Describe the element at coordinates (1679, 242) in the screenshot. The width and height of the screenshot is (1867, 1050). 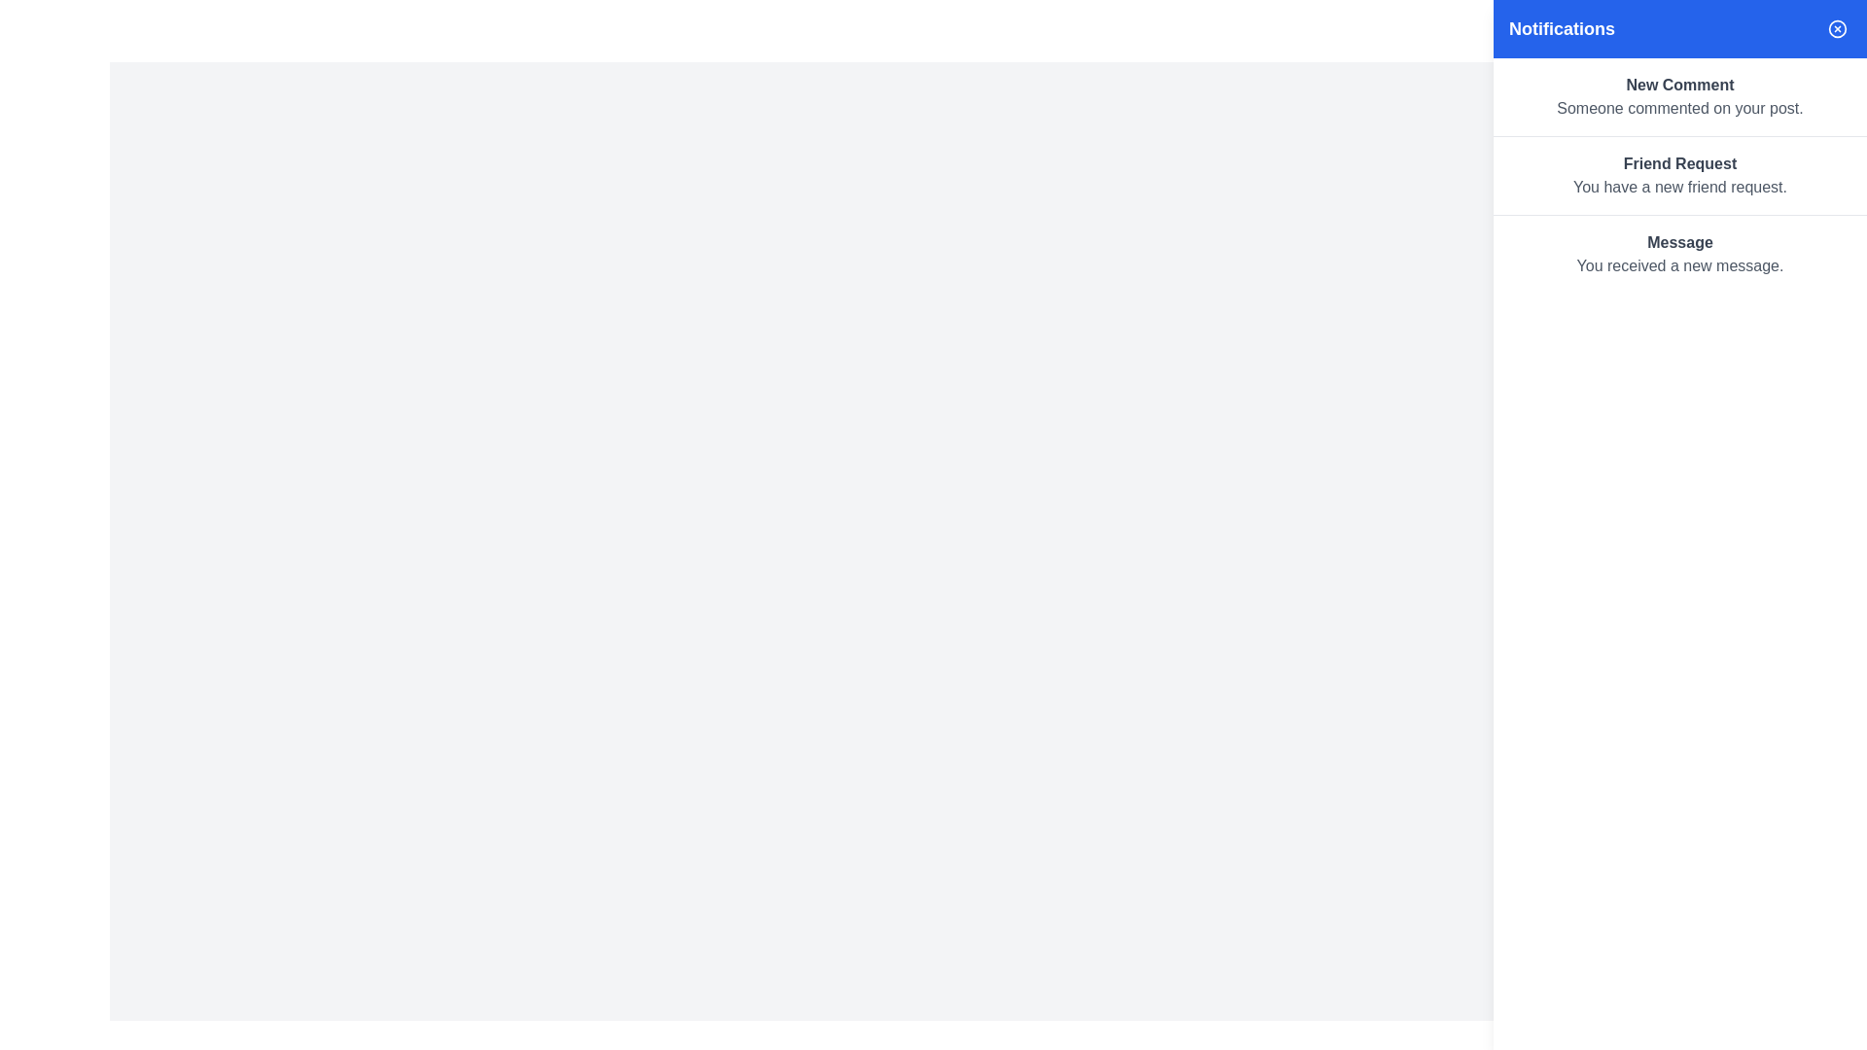
I see `text label that contains 'Message' in bold gray font located in the notifications area under the 'Notifications' panel` at that location.